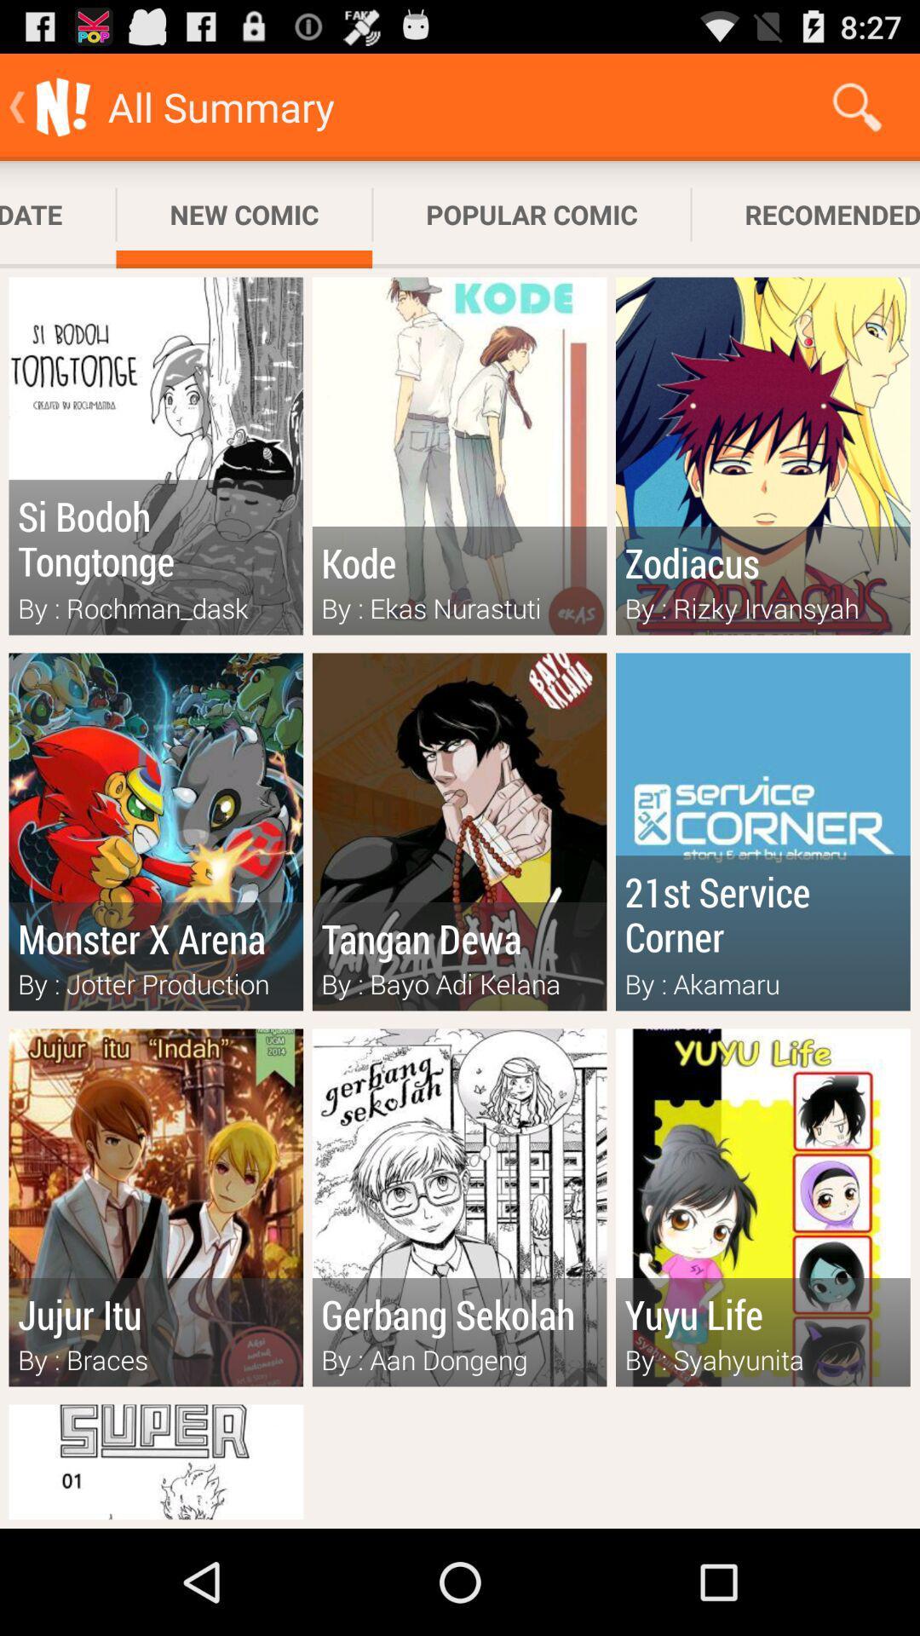 The image size is (920, 1636). Describe the element at coordinates (57, 214) in the screenshot. I see `the icon next to new comic app` at that location.